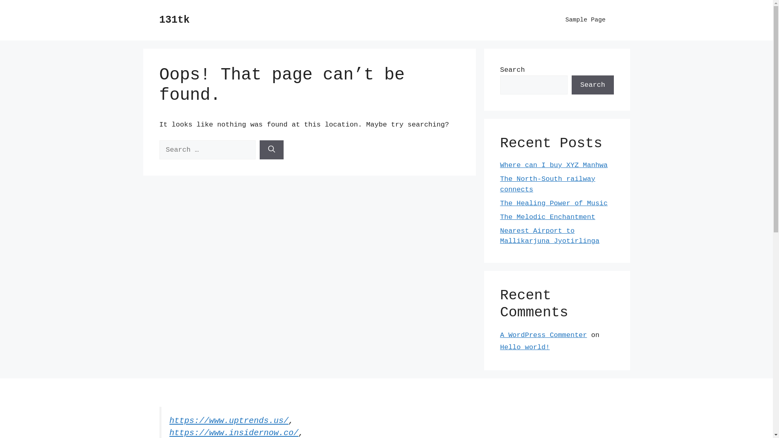  I want to click on 'The North-South railway connects', so click(547, 184).